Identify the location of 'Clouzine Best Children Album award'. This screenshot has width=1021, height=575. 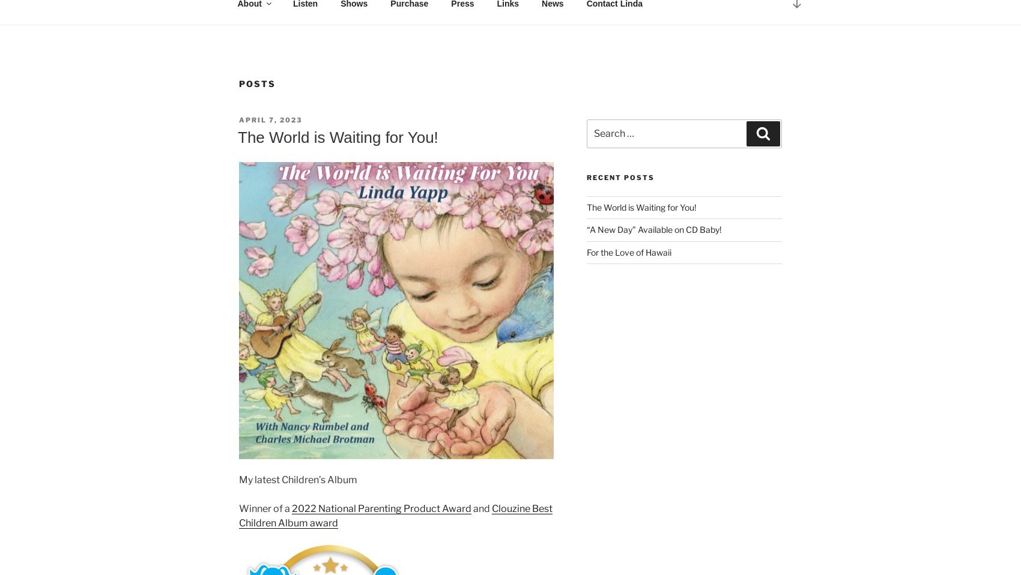
(395, 514).